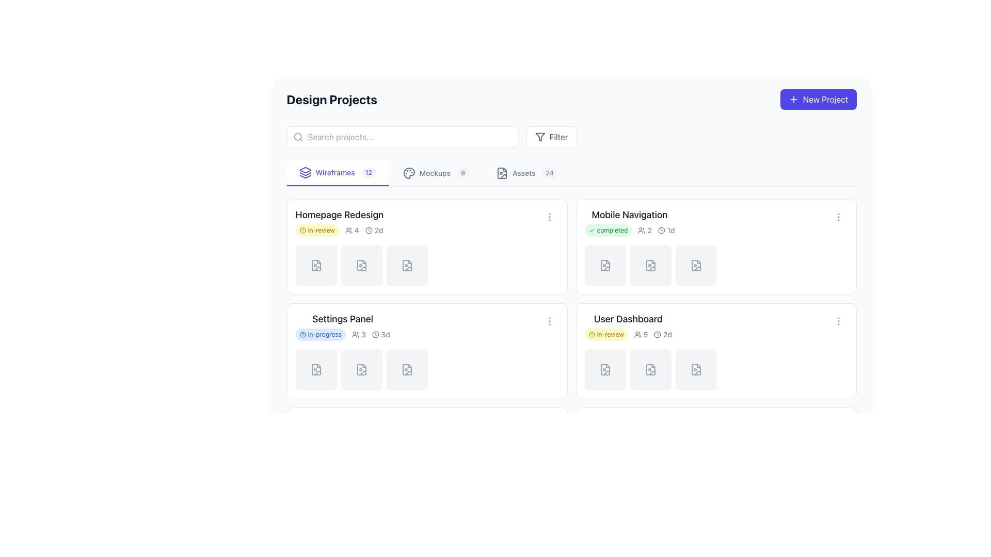 This screenshot has height=557, width=991. I want to click on the icon representing an image or document file located in the first column of the first row under the 'Homepage Redesign' card, so click(361, 265).